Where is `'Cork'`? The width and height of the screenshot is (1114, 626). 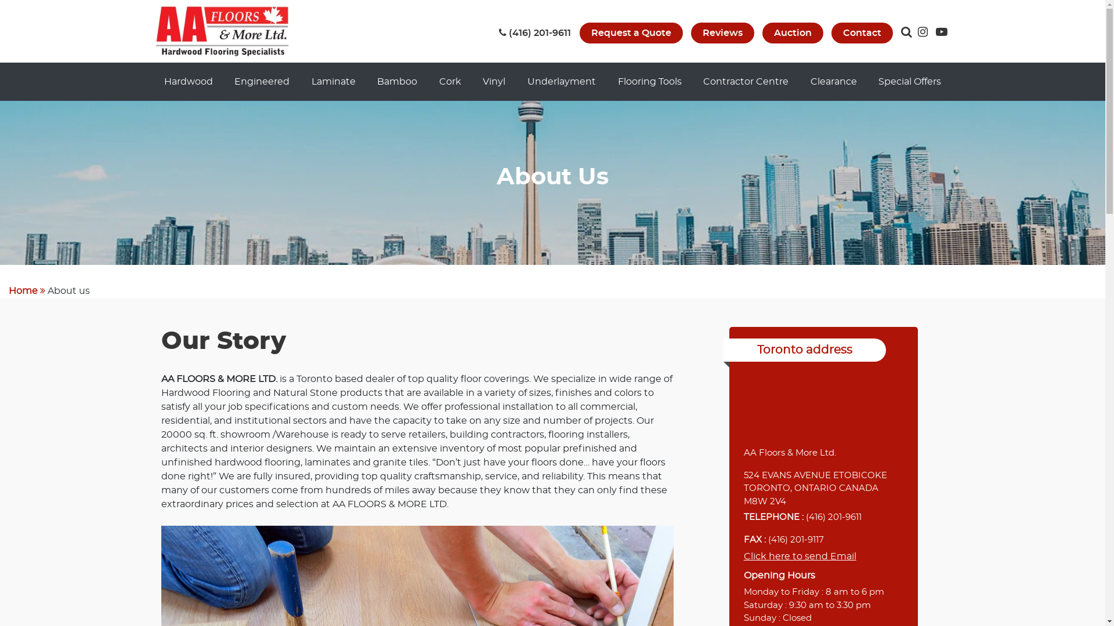 'Cork' is located at coordinates (450, 81).